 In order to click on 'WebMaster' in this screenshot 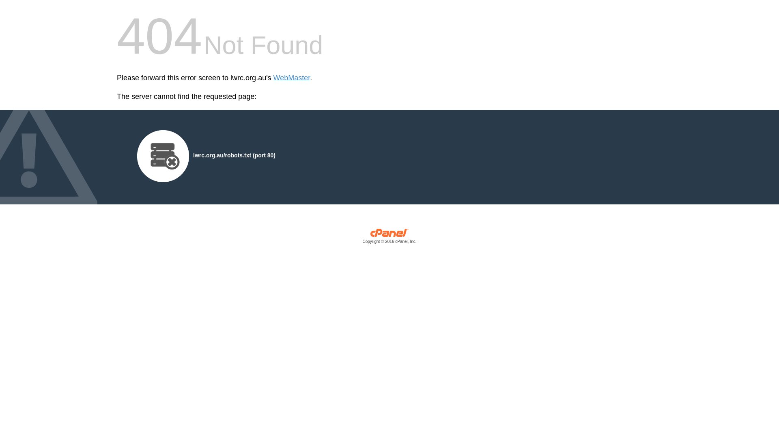, I will do `click(292, 78)`.